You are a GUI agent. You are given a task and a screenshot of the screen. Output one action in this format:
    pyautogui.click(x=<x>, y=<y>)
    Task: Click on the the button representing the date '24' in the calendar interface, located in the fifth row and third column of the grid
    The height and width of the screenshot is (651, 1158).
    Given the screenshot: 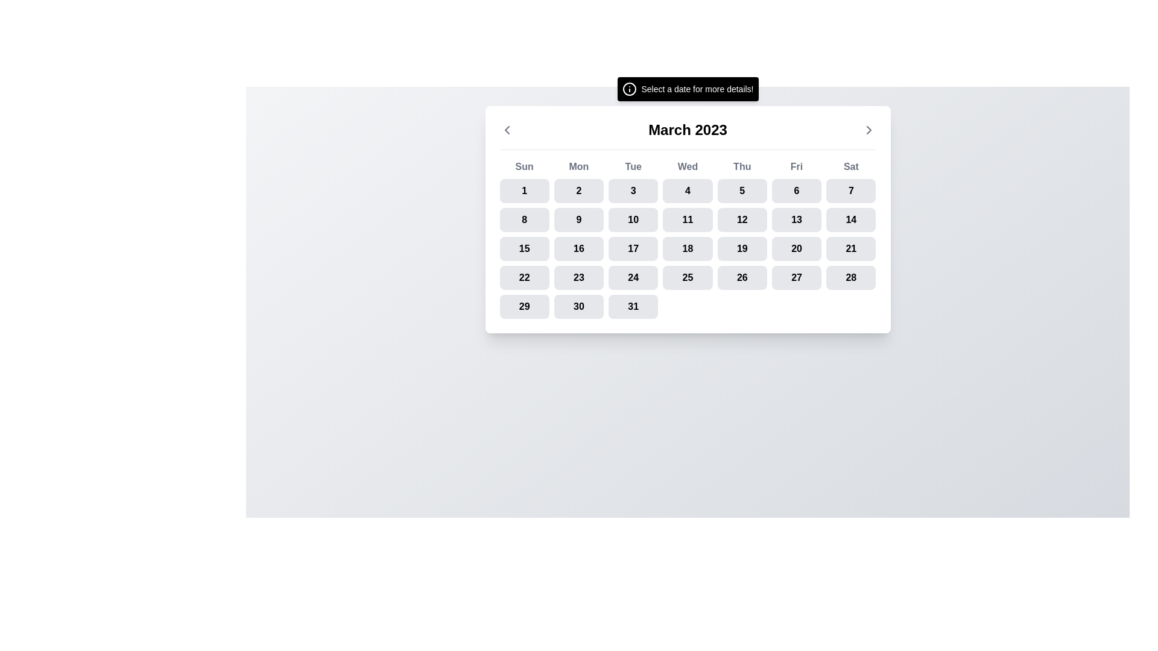 What is the action you would take?
    pyautogui.click(x=633, y=278)
    